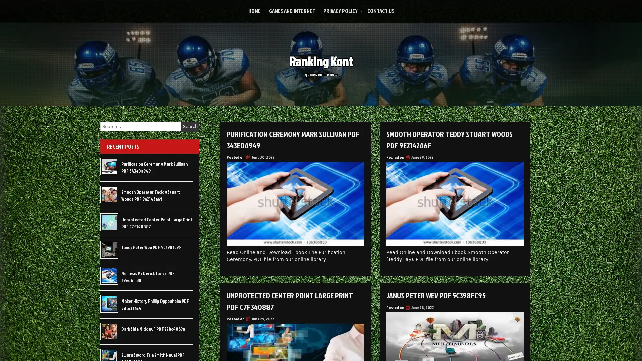 Image resolution: width=642 pixels, height=361 pixels. What do you see at coordinates (190, 126) in the screenshot?
I see `Search` at bounding box center [190, 126].